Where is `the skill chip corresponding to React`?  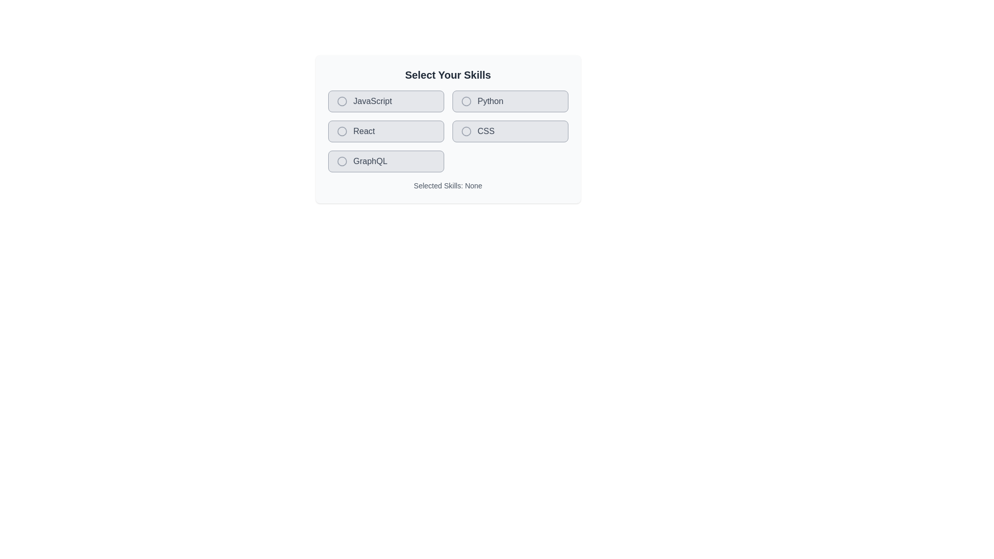
the skill chip corresponding to React is located at coordinates (385, 131).